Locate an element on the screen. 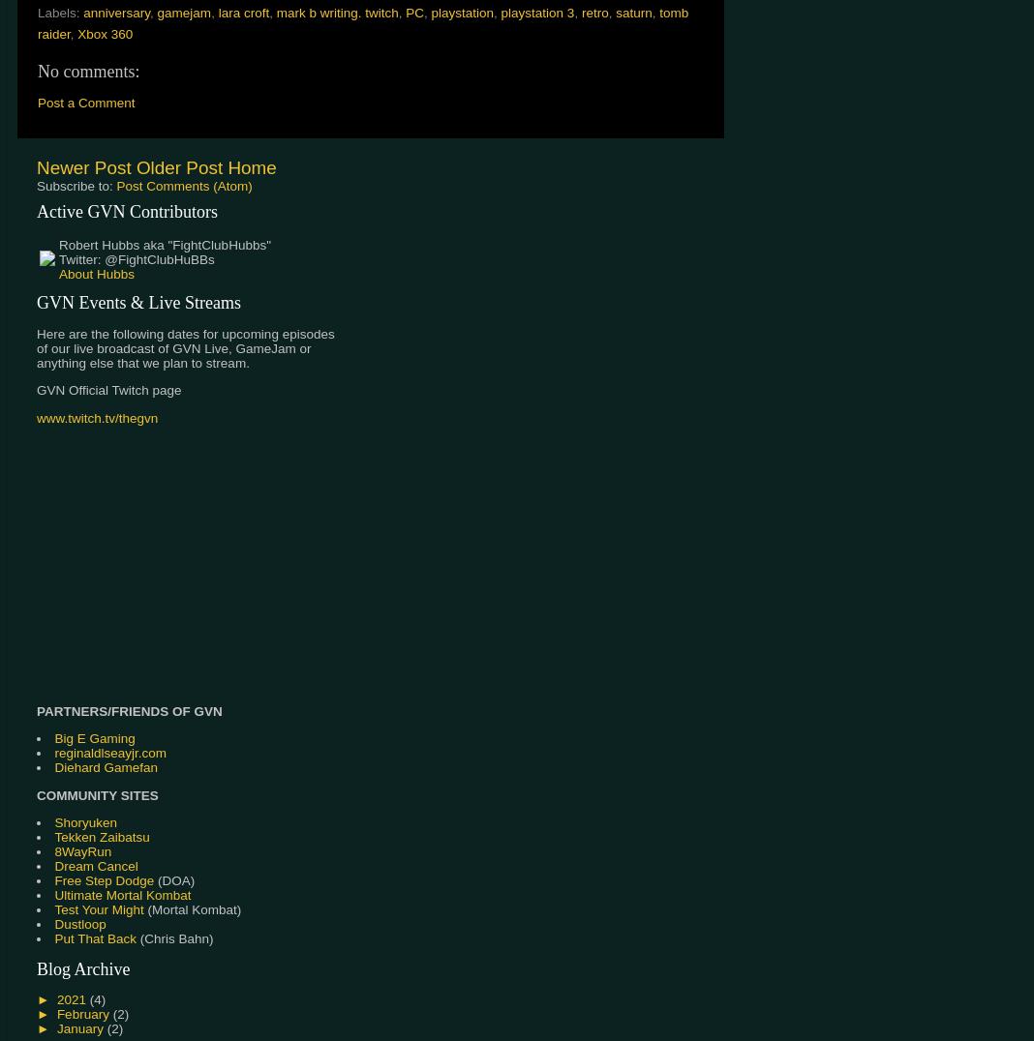 The height and width of the screenshot is (1041, 1034). 'Home' is located at coordinates (251, 167).